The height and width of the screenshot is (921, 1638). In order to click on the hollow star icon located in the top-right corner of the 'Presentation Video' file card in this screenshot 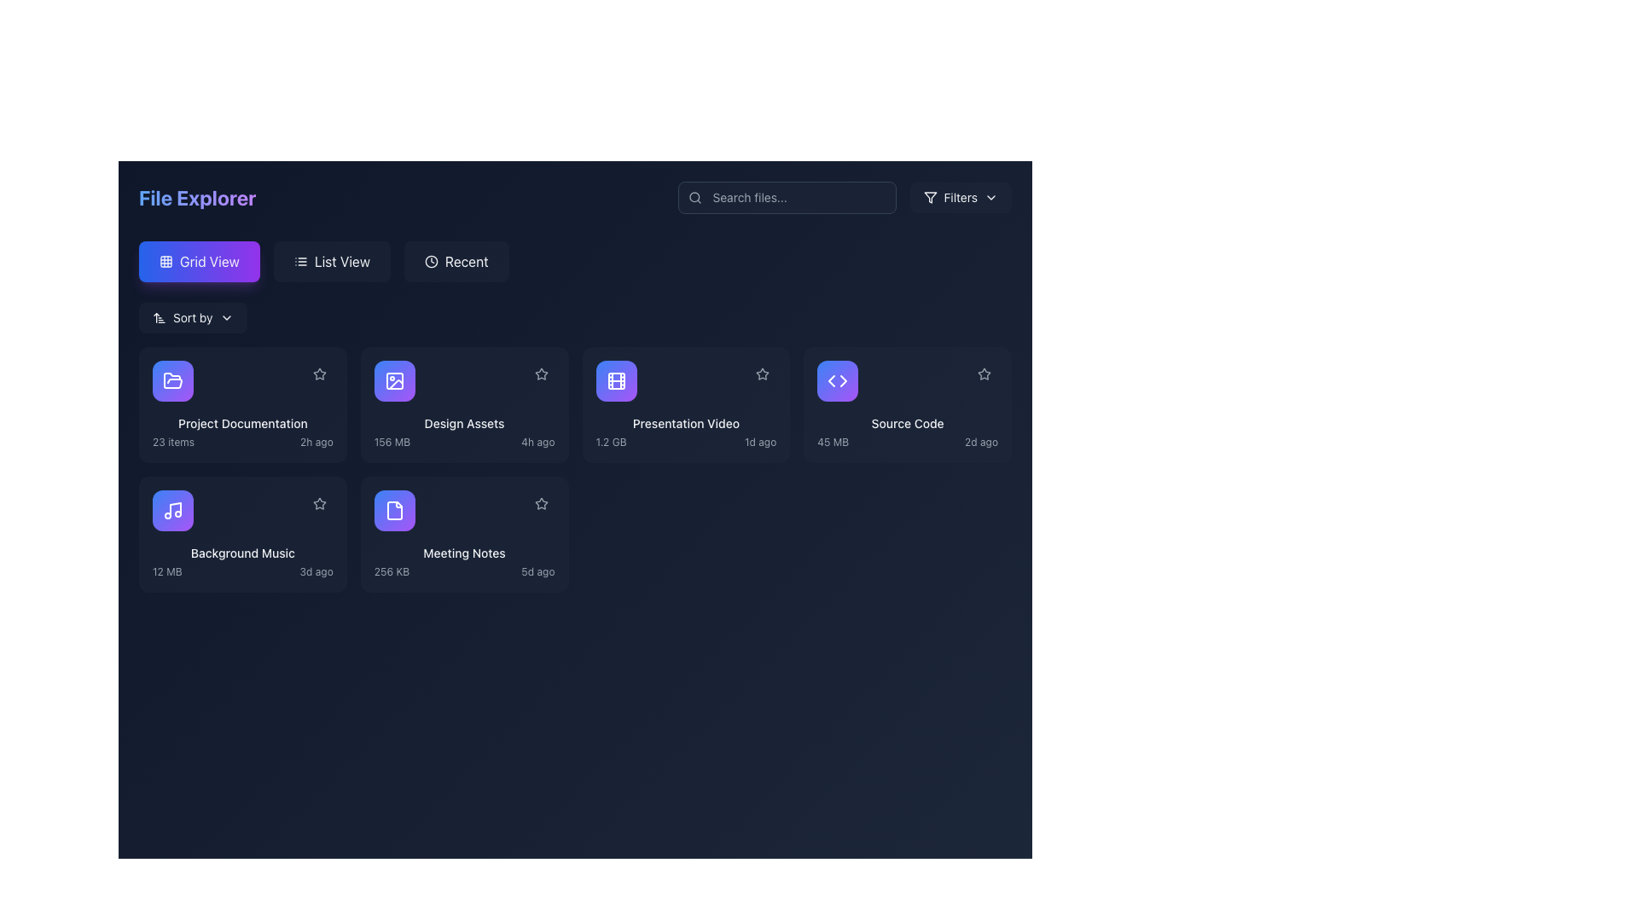, I will do `click(762, 374)`.